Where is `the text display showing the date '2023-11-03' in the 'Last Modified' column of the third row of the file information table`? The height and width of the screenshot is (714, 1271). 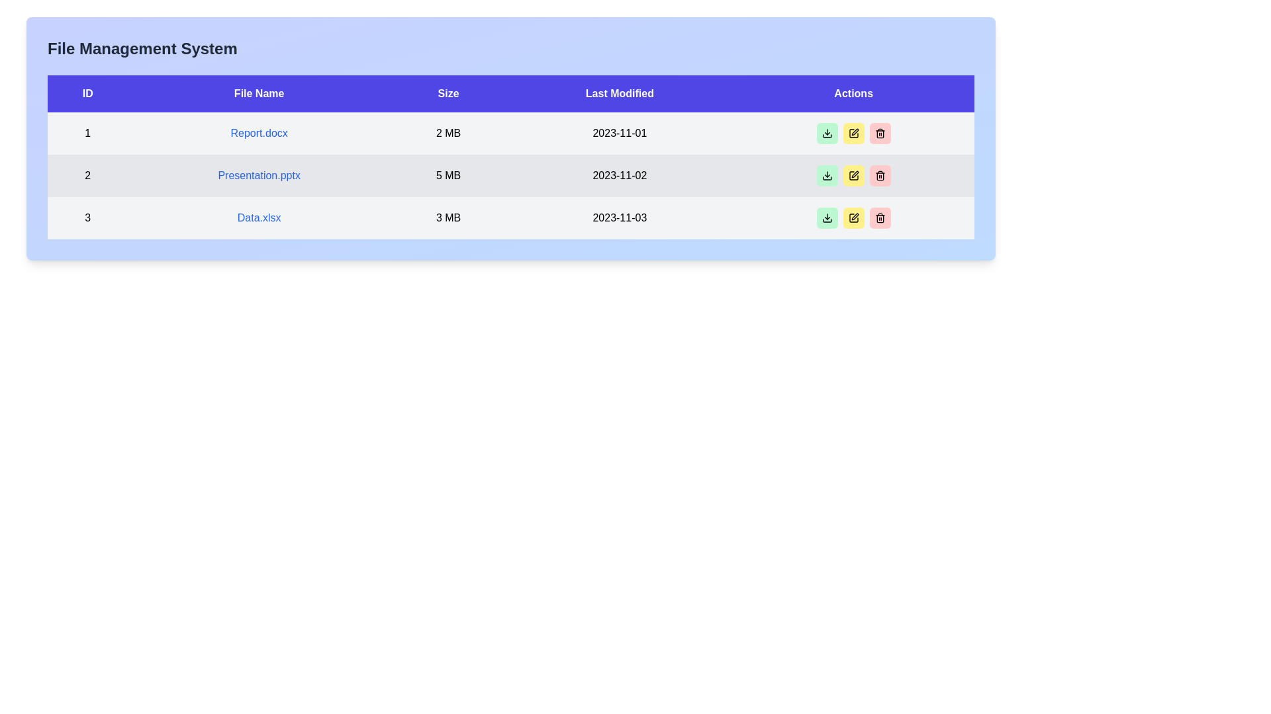
the text display showing the date '2023-11-03' in the 'Last Modified' column of the third row of the file information table is located at coordinates (619, 218).